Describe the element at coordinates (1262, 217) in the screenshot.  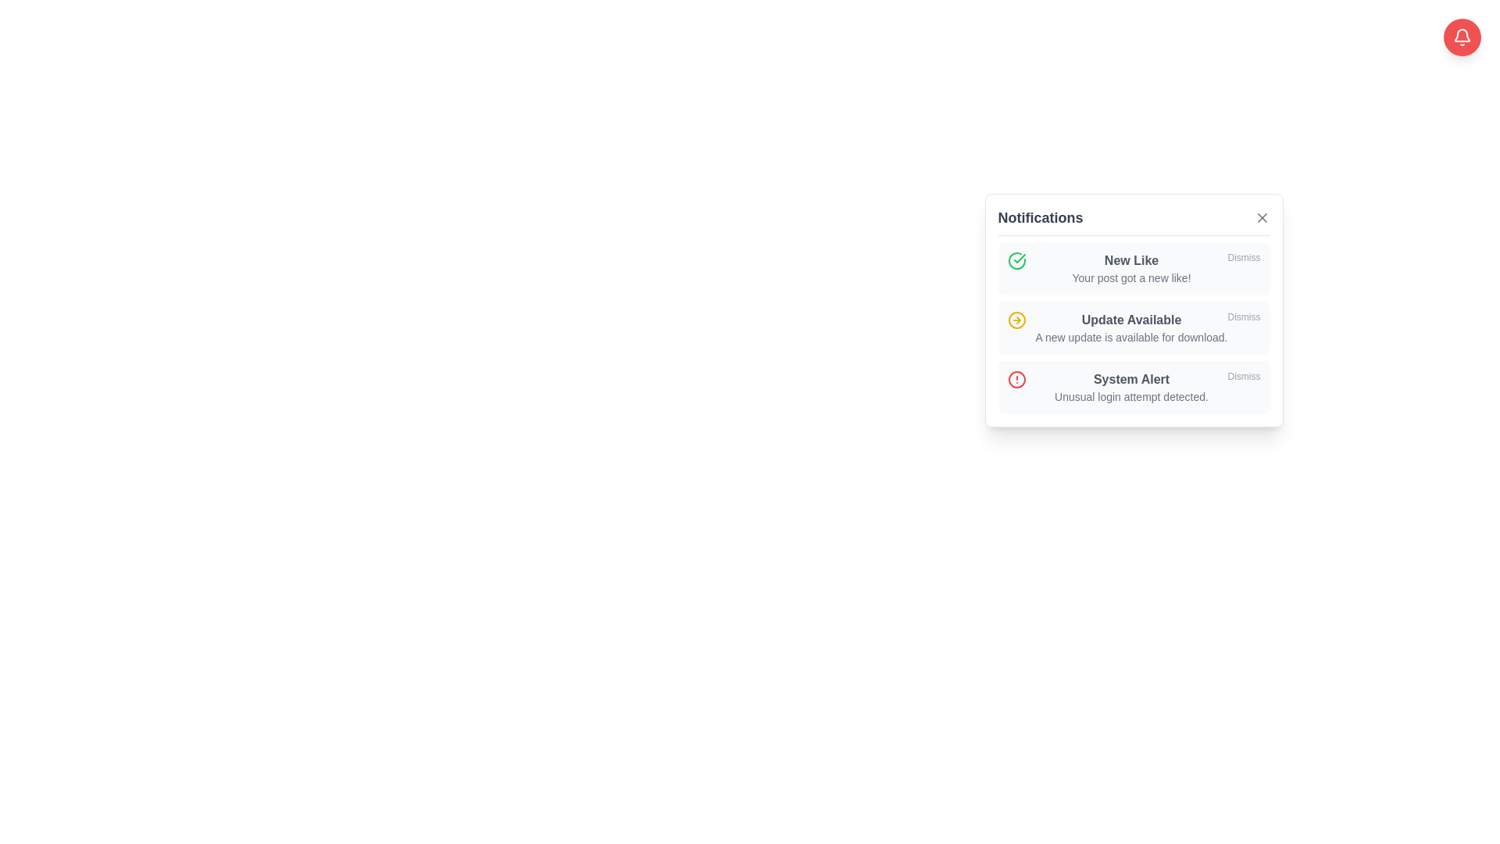
I see `the close button located in the top-right corner of the notification panel` at that location.